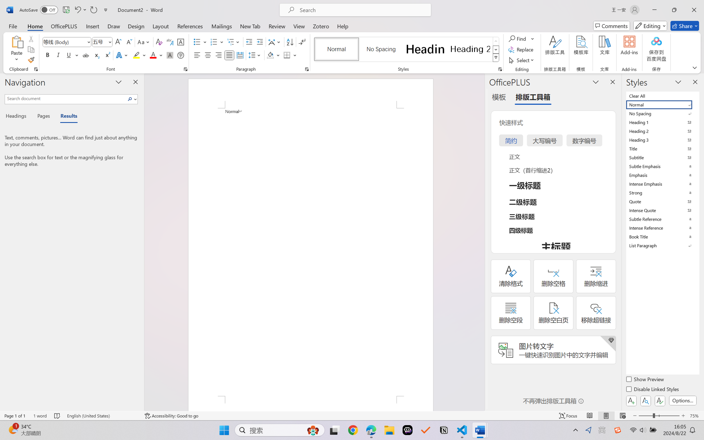 The image size is (704, 440). I want to click on 'Clear All', so click(662, 95).